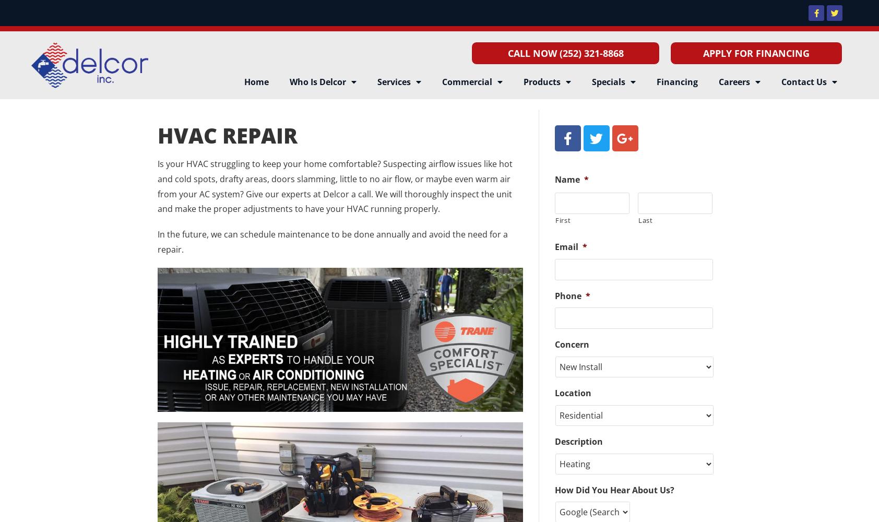 Image resolution: width=879 pixels, height=522 pixels. What do you see at coordinates (756, 53) in the screenshot?
I see `'APPLY FOR FINANCING'` at bounding box center [756, 53].